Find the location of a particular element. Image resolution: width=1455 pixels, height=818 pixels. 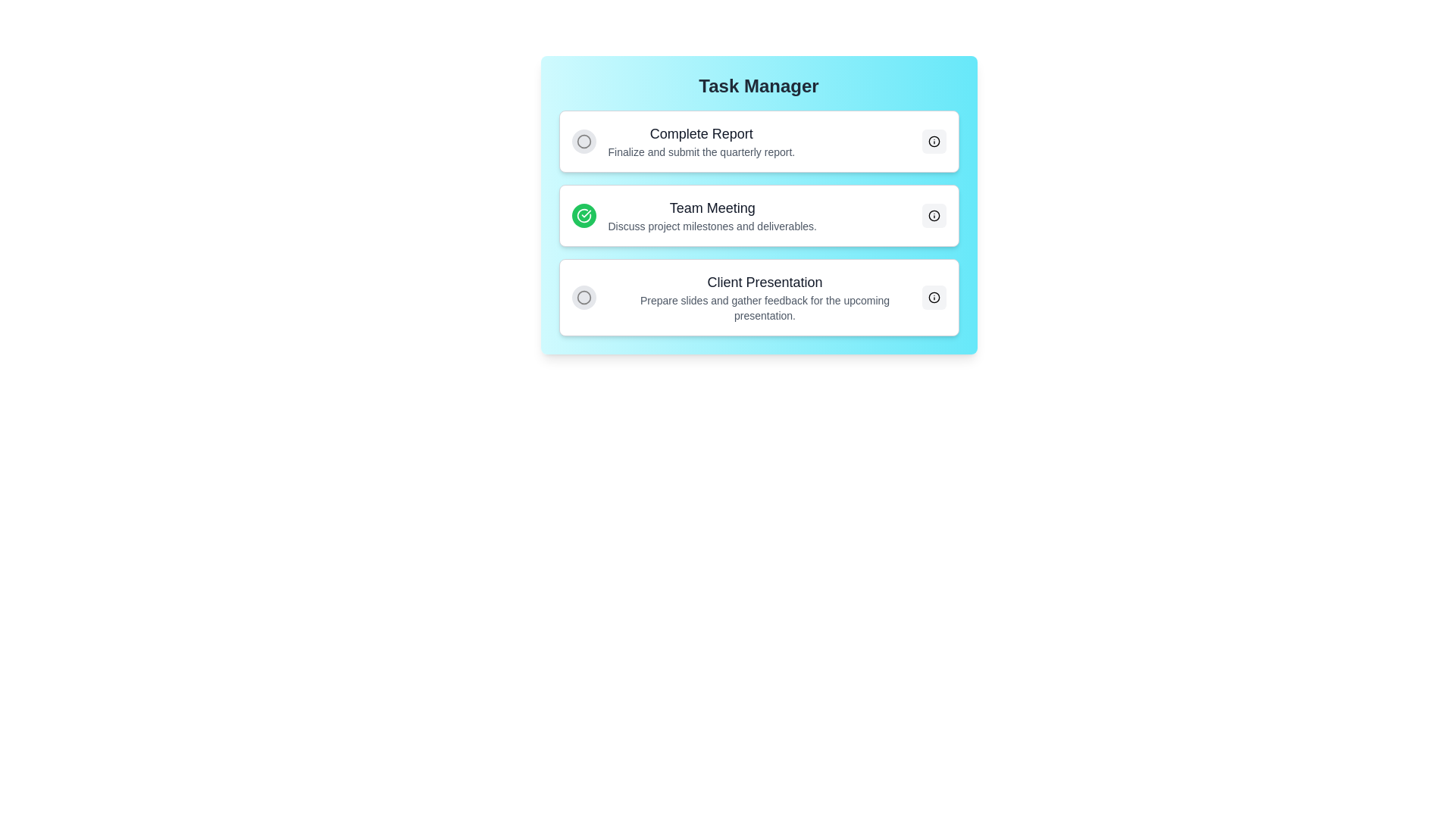

the label providing supplementary details about the 'Team Meeting' task, which is positioned beneath the title and is the second task in the vertical order is located at coordinates (712, 226).